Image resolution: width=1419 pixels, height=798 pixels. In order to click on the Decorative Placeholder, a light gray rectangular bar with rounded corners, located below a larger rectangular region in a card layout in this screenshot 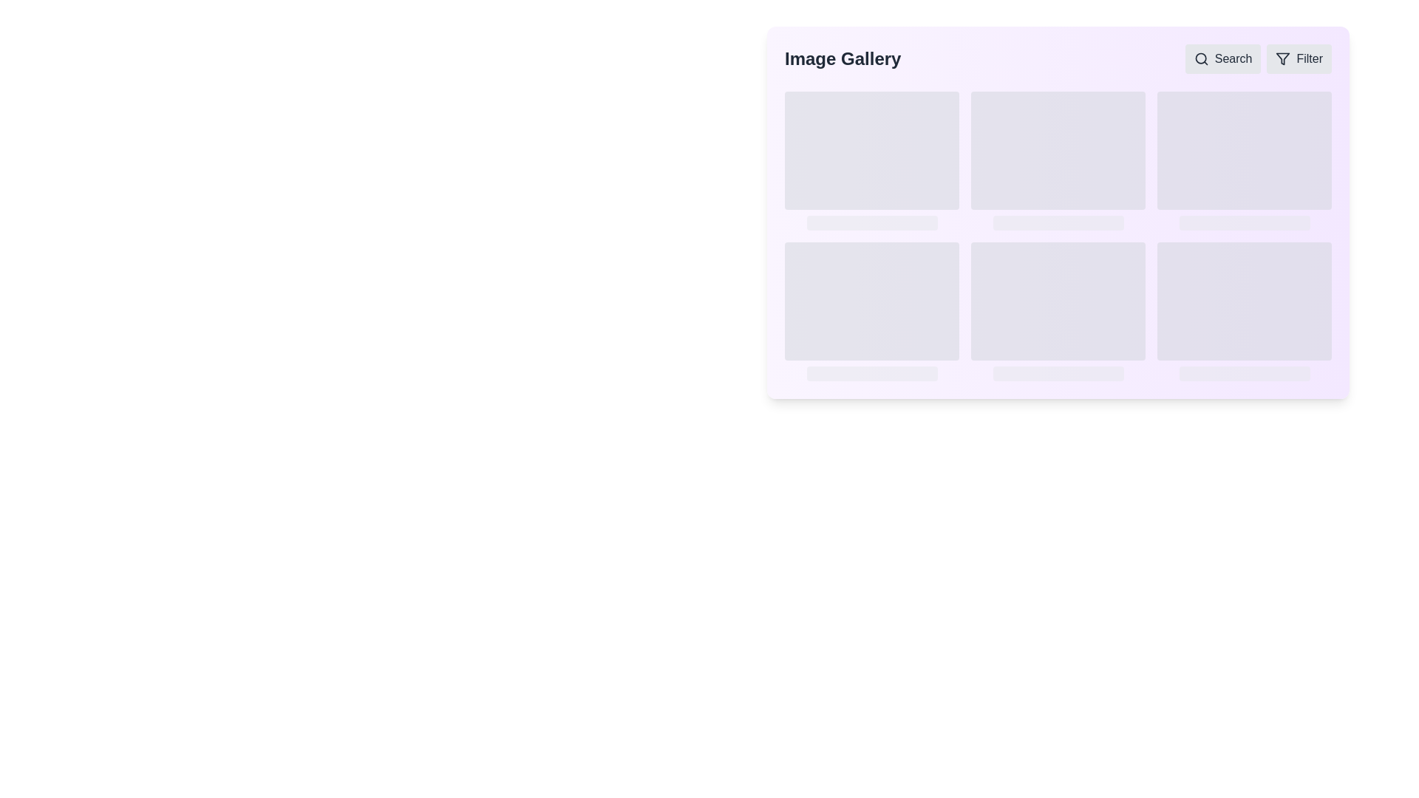, I will do `click(1057, 372)`.